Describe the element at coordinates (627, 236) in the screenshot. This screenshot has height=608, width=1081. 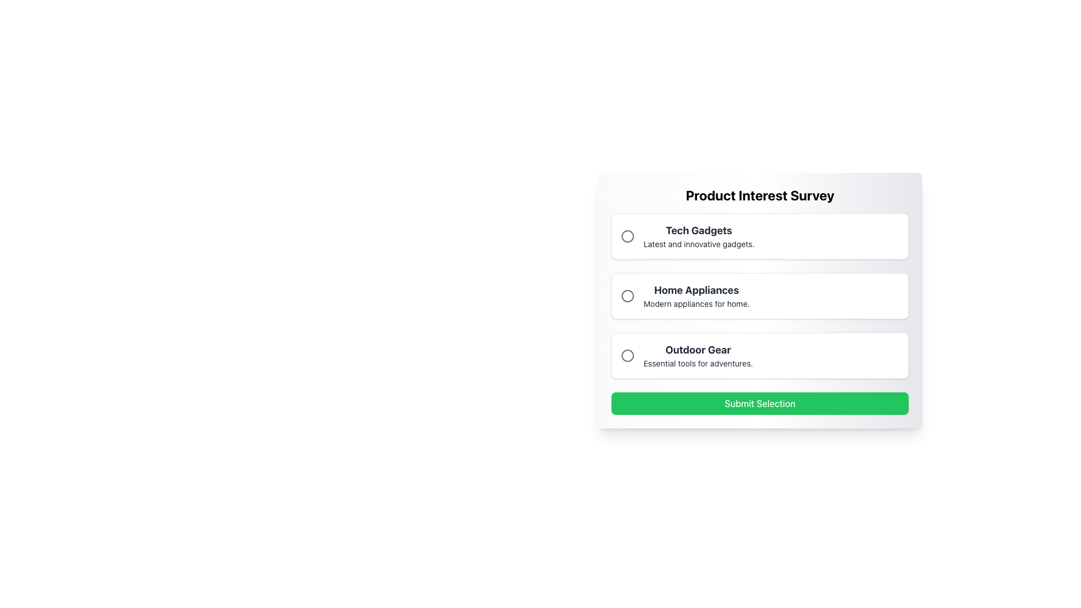
I see `the circular graphical indicator that is styled as an outline circle, positioned to the left of the 'Tech Gadgets' option label` at that location.